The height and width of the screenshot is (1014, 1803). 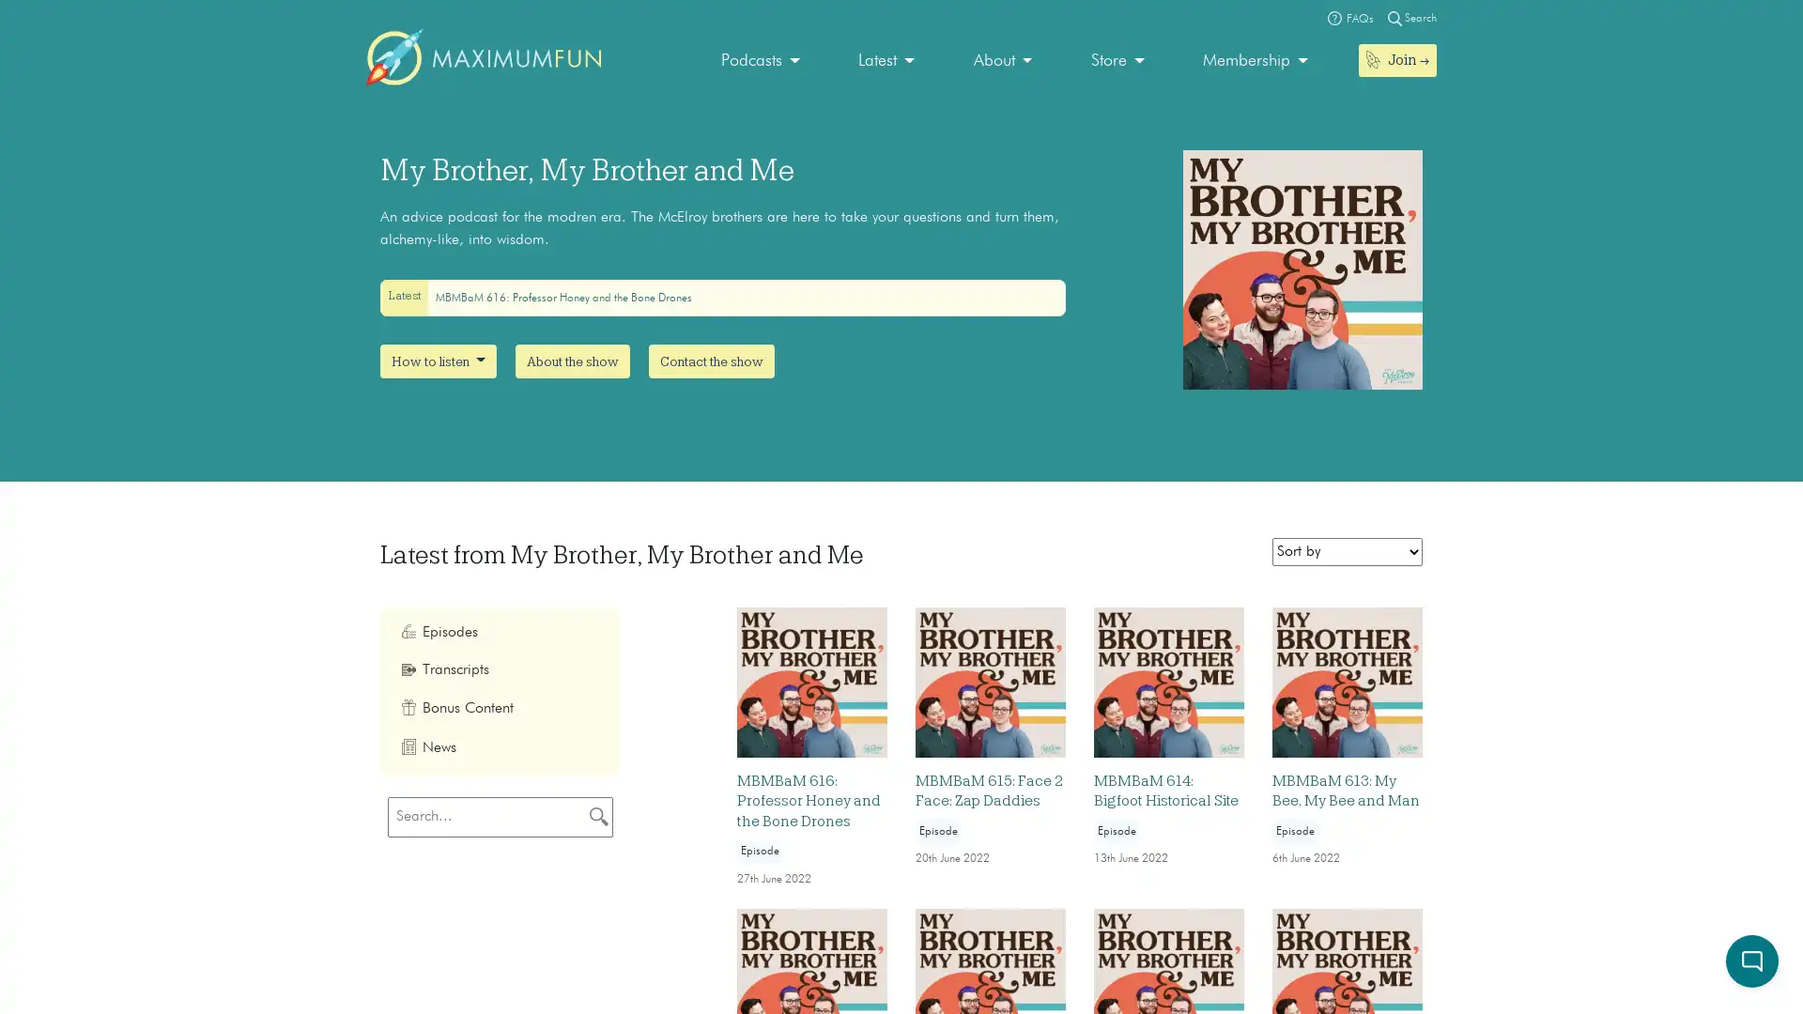 What do you see at coordinates (1411, 18) in the screenshot?
I see `Magnifying glass Search` at bounding box center [1411, 18].